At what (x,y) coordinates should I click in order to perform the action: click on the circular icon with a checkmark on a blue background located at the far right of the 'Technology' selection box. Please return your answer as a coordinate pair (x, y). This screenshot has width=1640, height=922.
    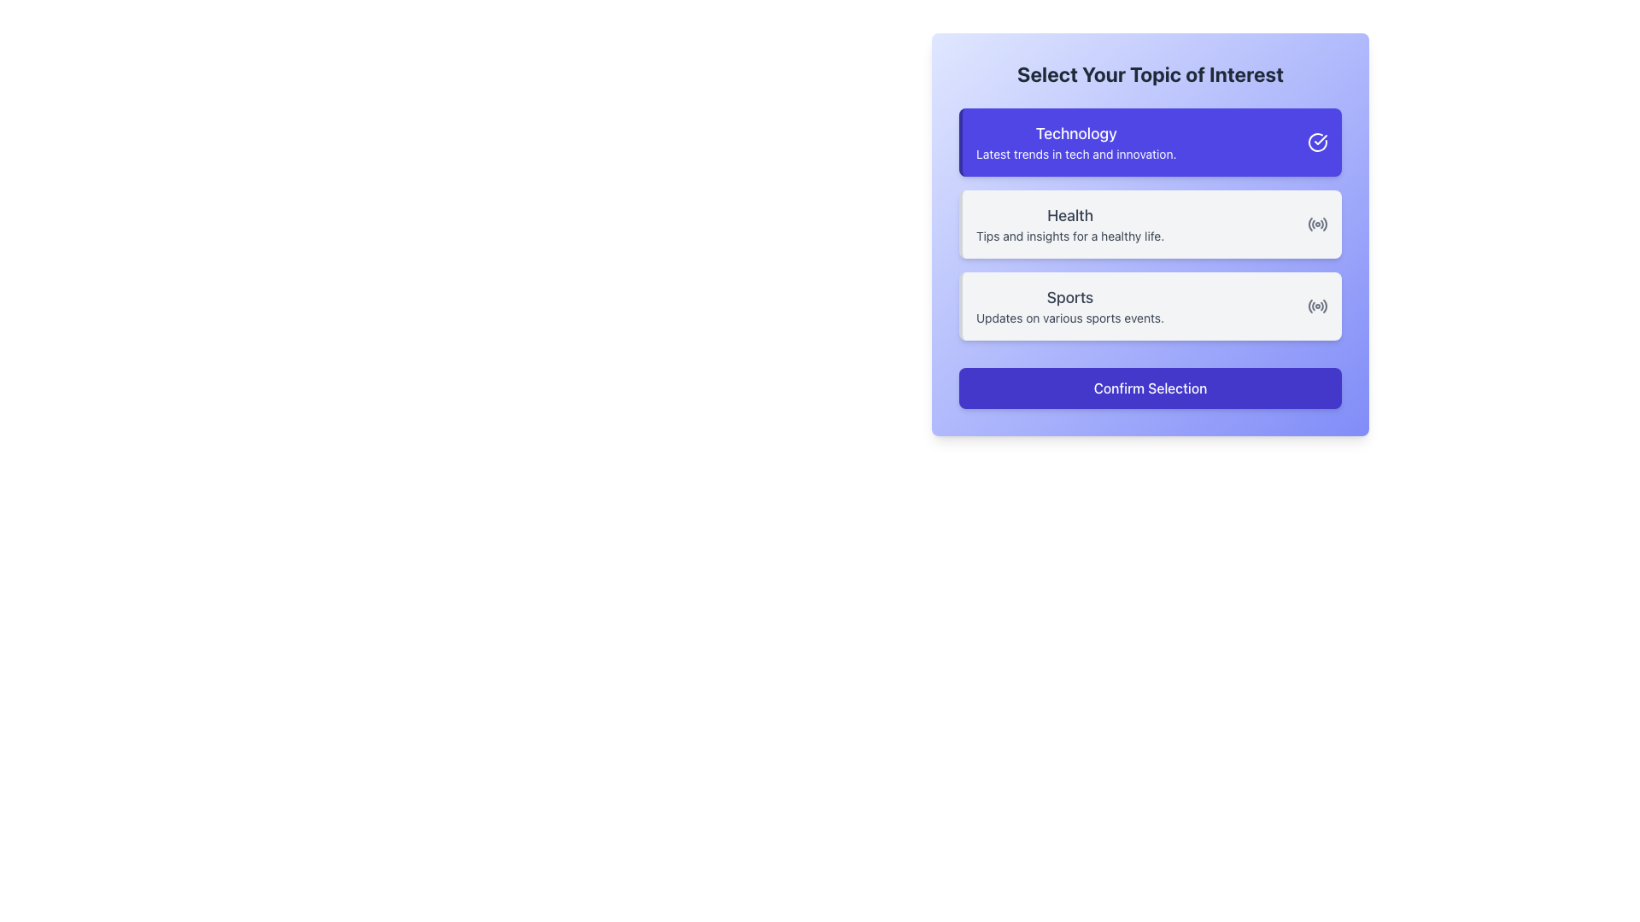
    Looking at the image, I should click on (1316, 141).